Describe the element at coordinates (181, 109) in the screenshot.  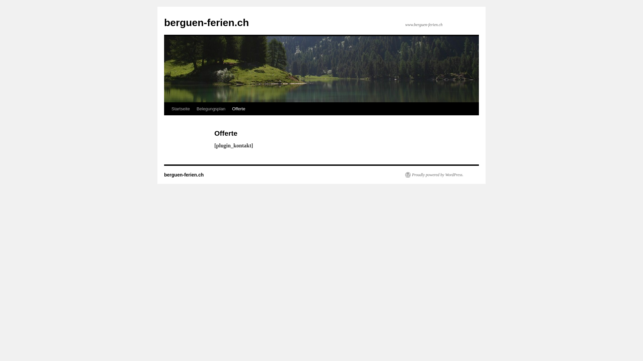
I see `'Startseite'` at that location.